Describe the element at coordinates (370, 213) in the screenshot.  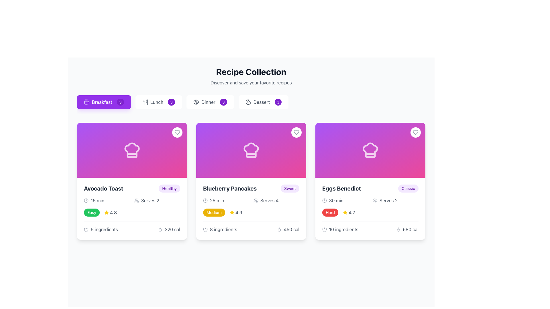
I see `the Composite element displaying the difficulty level 'Hard' and user rating '4.7' for the Eggs Benedict recipe, which is located in the 'Eggs Benedict' card` at that location.